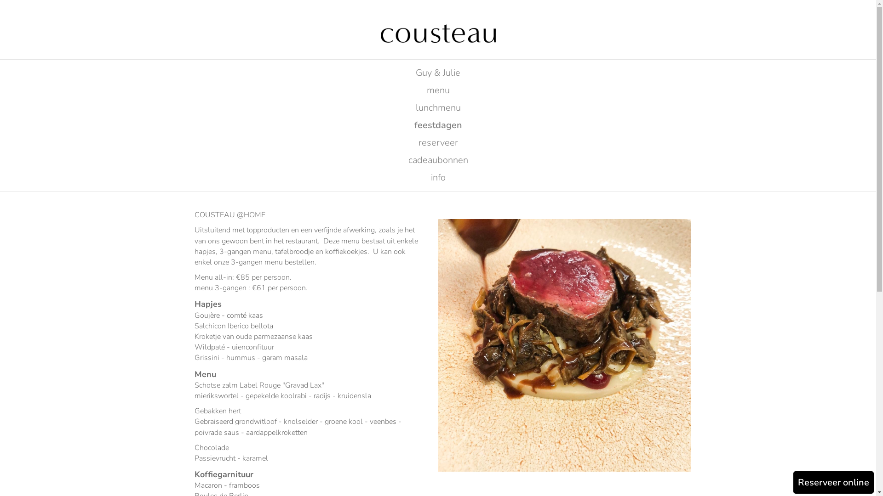  I want to click on 'Reserveer online', so click(833, 482).